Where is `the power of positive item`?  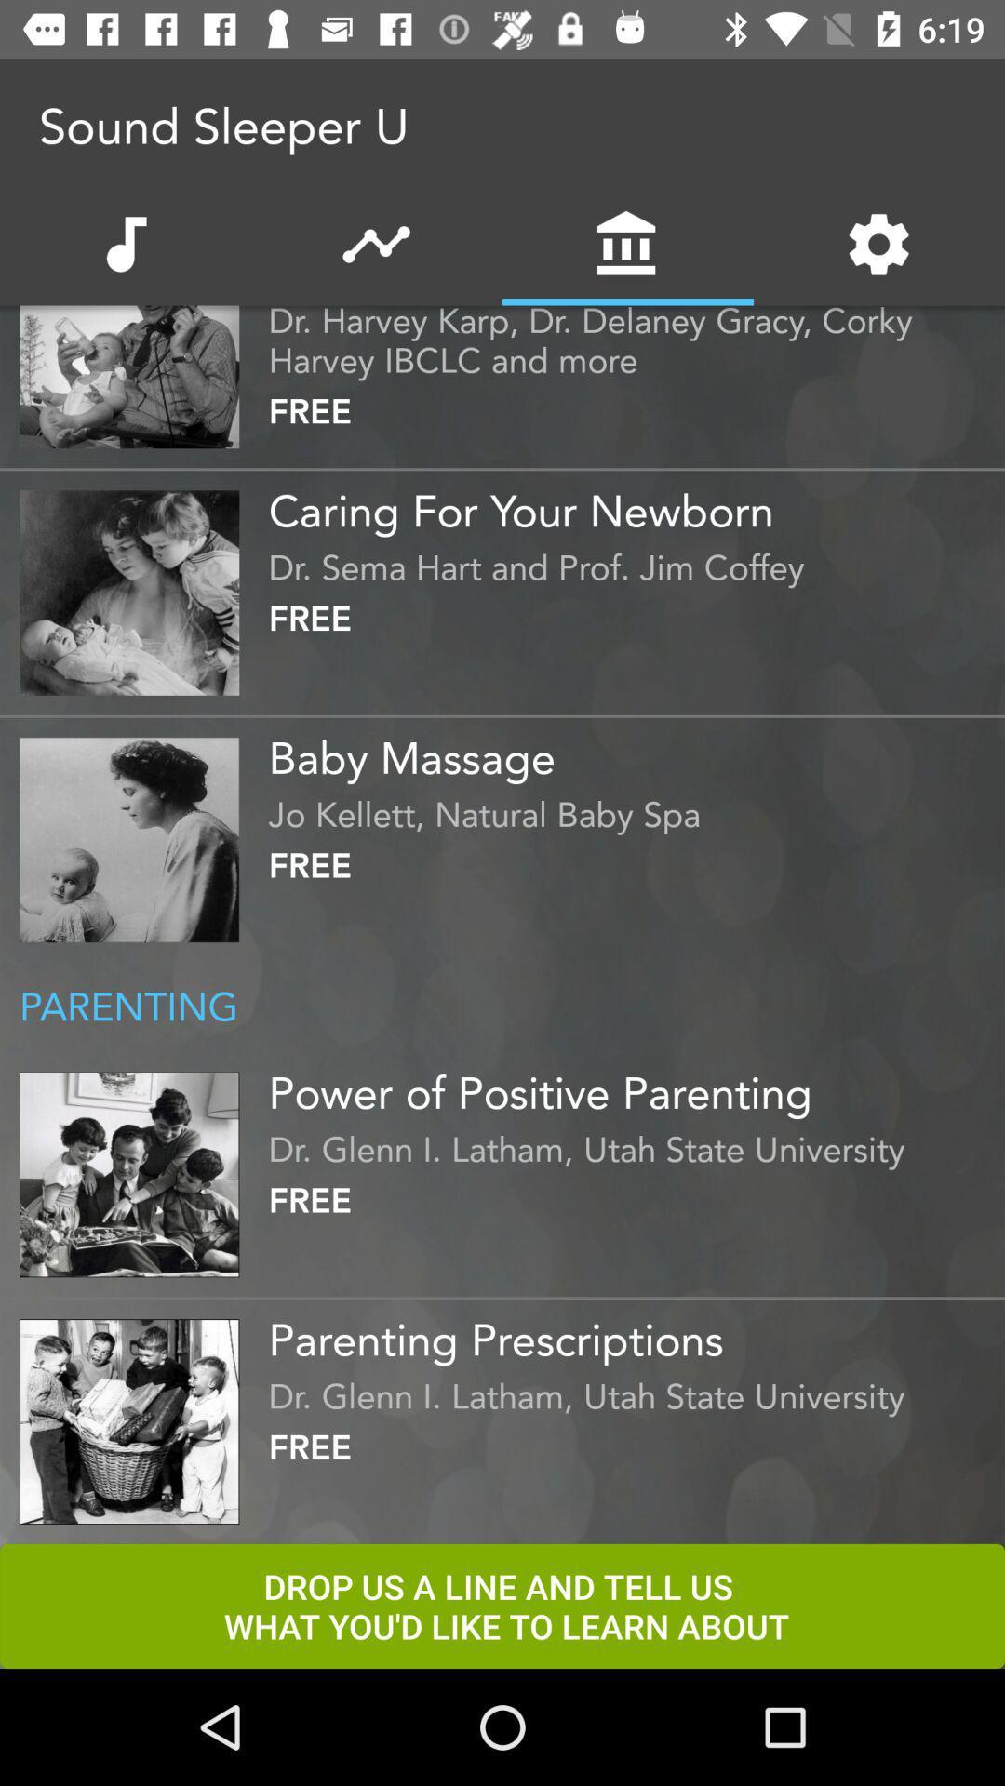 the power of positive item is located at coordinates (631, 1086).